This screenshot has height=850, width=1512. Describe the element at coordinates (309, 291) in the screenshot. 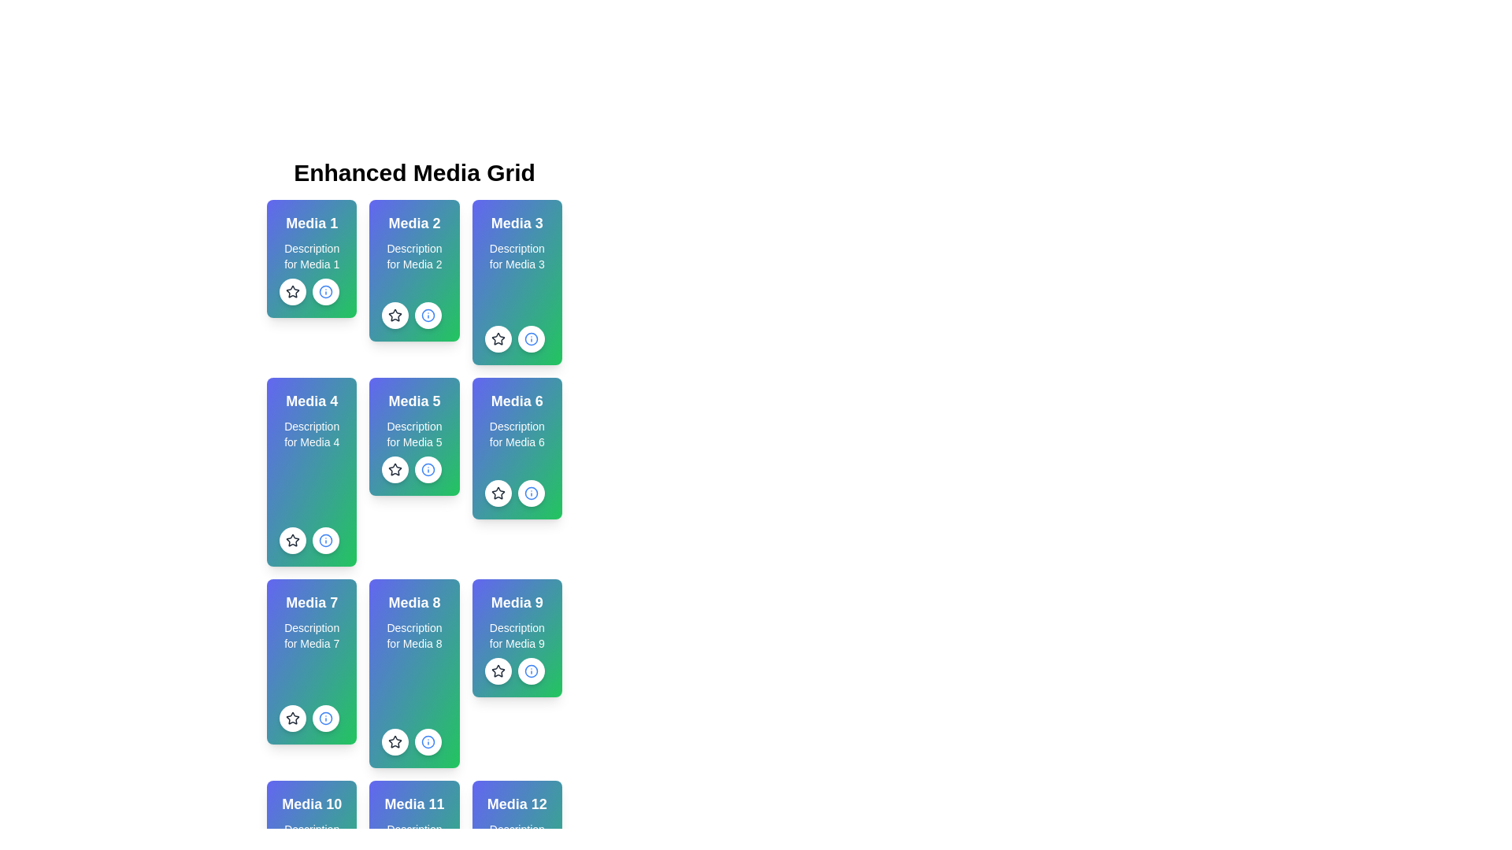

I see `the group of interactive buttons/icons located at the bottom-left corner of the 'Media 1' card` at that location.